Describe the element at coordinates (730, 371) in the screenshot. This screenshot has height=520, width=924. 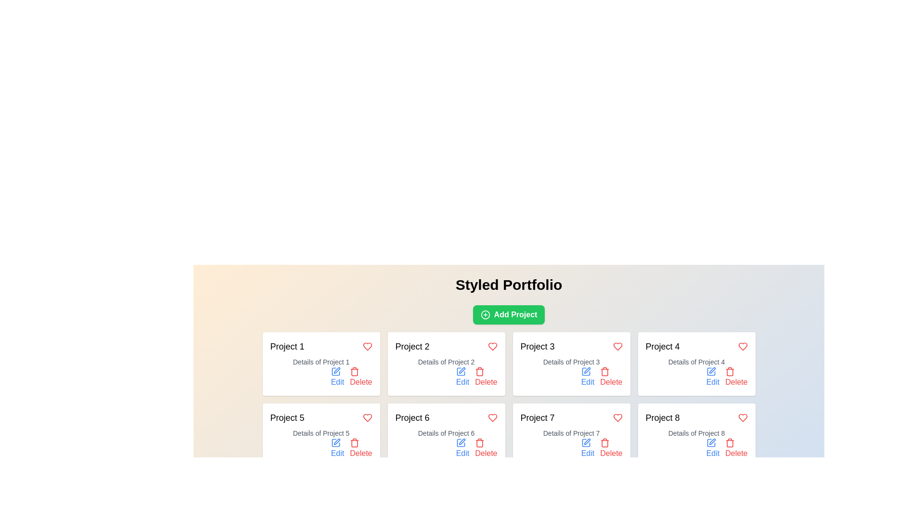
I see `the red trash icon located in the bottom right corner of the 'Project 4' card` at that location.